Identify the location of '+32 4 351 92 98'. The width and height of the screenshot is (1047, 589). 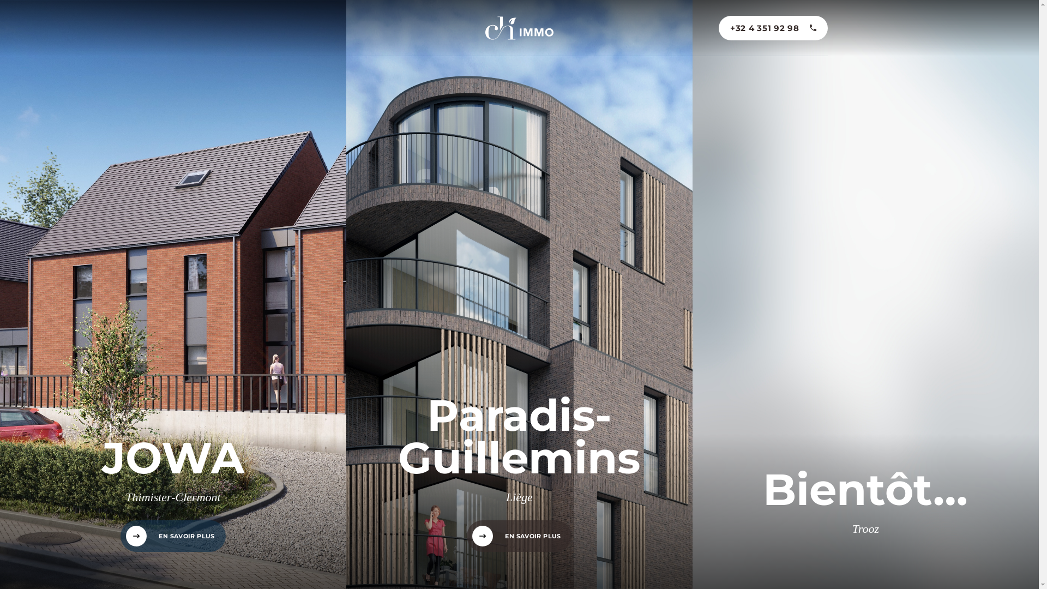
(772, 27).